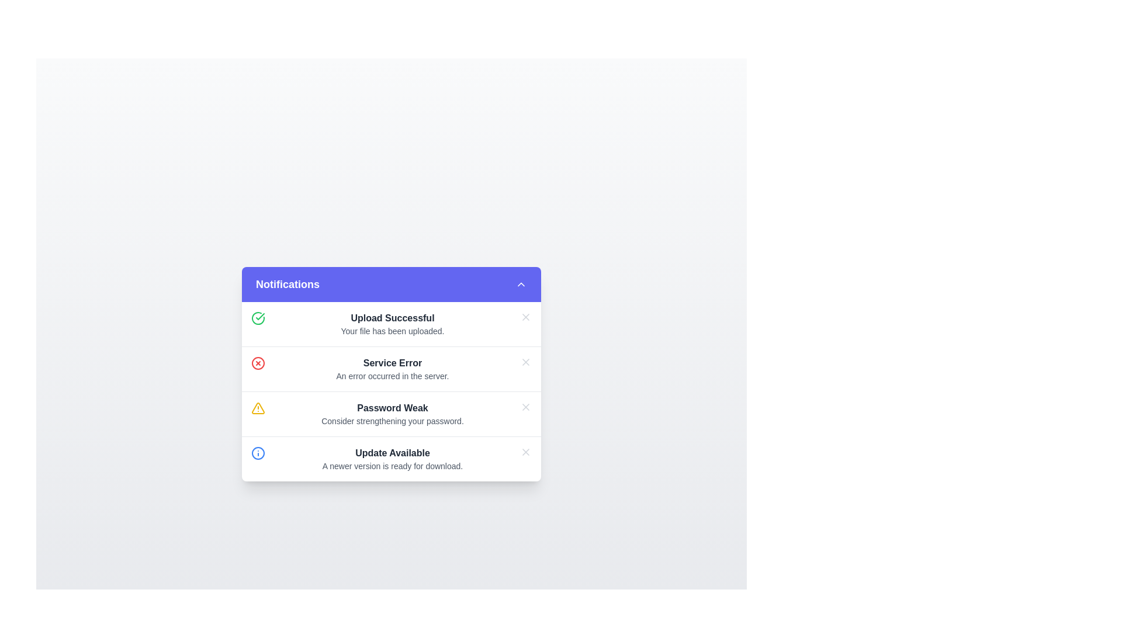 This screenshot has height=631, width=1122. What do you see at coordinates (257, 317) in the screenshot?
I see `the success icon located at the top-left of the 'Upload Successful' notification to indicate that the file upload has completed successfully` at bounding box center [257, 317].